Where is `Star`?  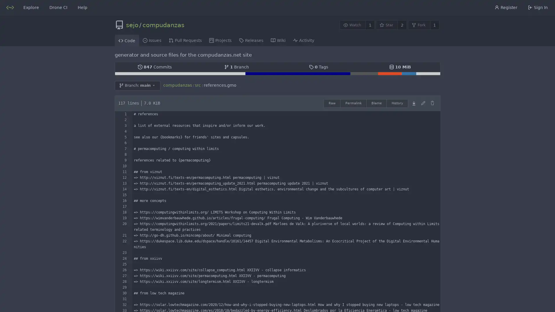
Star is located at coordinates (386, 25).